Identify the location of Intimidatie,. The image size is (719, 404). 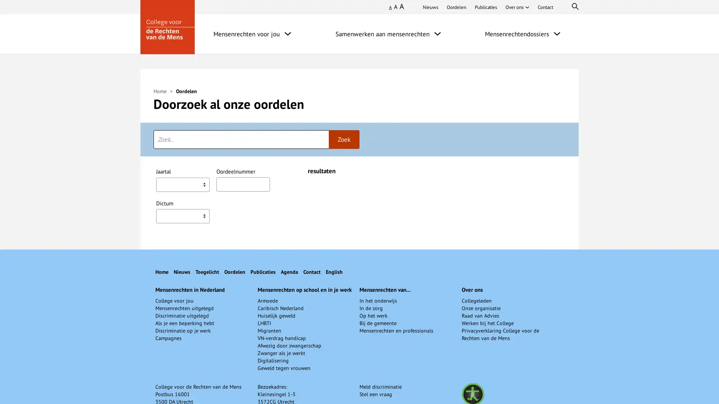
(322, 227).